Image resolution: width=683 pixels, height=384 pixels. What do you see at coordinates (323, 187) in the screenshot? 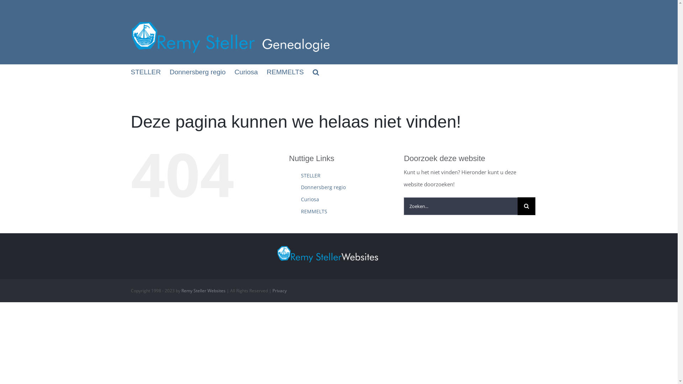
I see `'Donnersberg regio'` at bounding box center [323, 187].